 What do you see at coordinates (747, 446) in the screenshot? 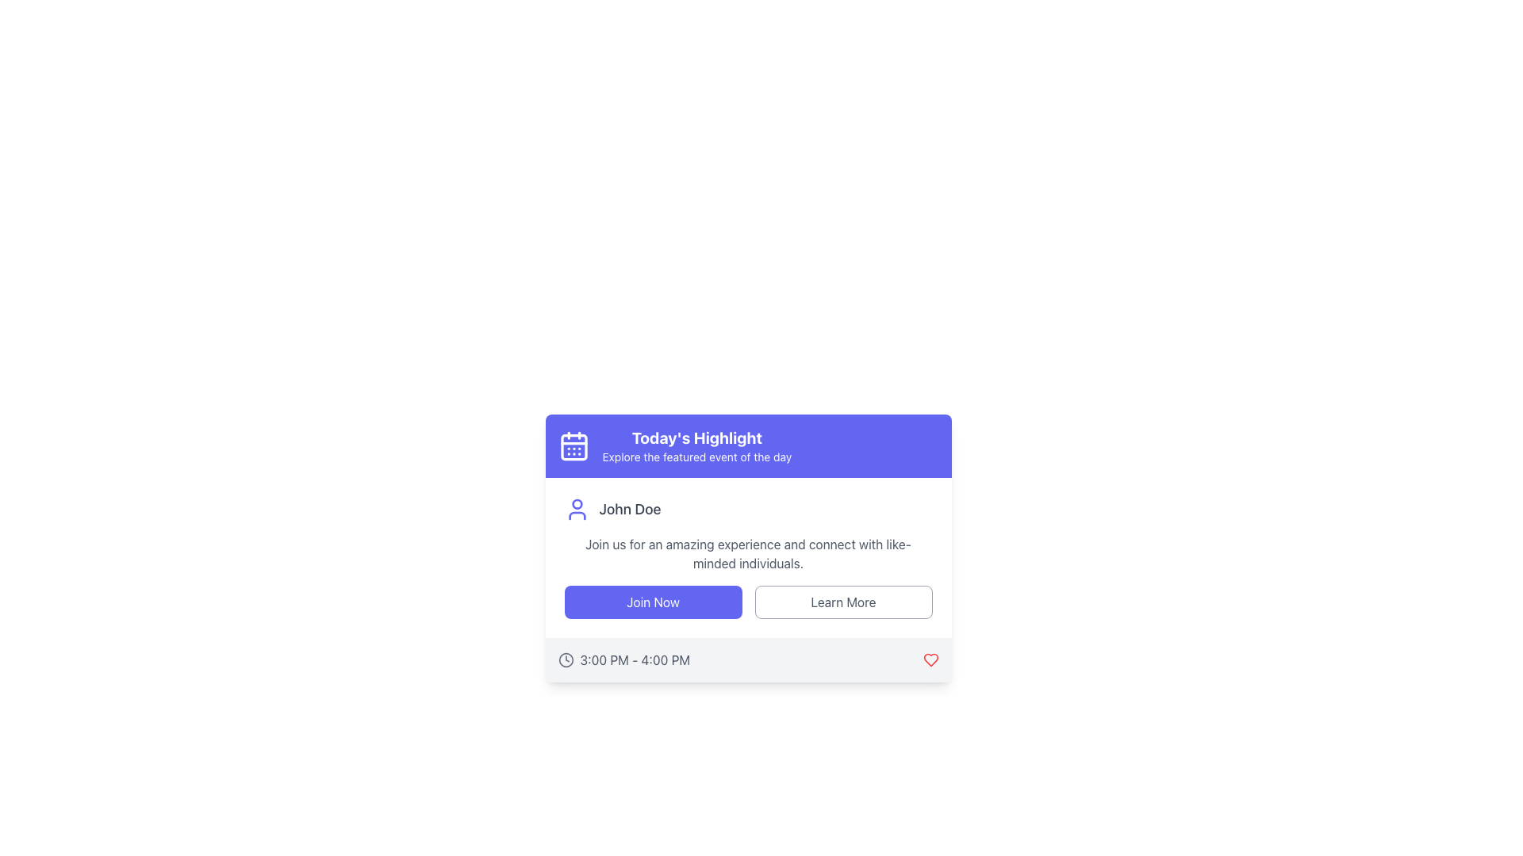
I see `the composite component with a purple background that contains the title 'Today's Highlight' and a calendar icon` at bounding box center [747, 446].